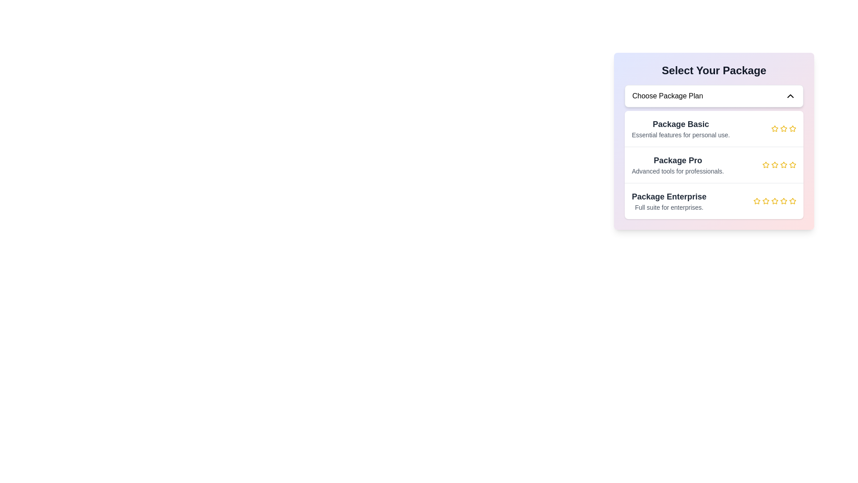  What do you see at coordinates (765, 200) in the screenshot?
I see `the gold-colored outlined star icon, which is the third star in the 5-star rating system associated with the 'Package Enterprise' option on the pricing selection card` at bounding box center [765, 200].